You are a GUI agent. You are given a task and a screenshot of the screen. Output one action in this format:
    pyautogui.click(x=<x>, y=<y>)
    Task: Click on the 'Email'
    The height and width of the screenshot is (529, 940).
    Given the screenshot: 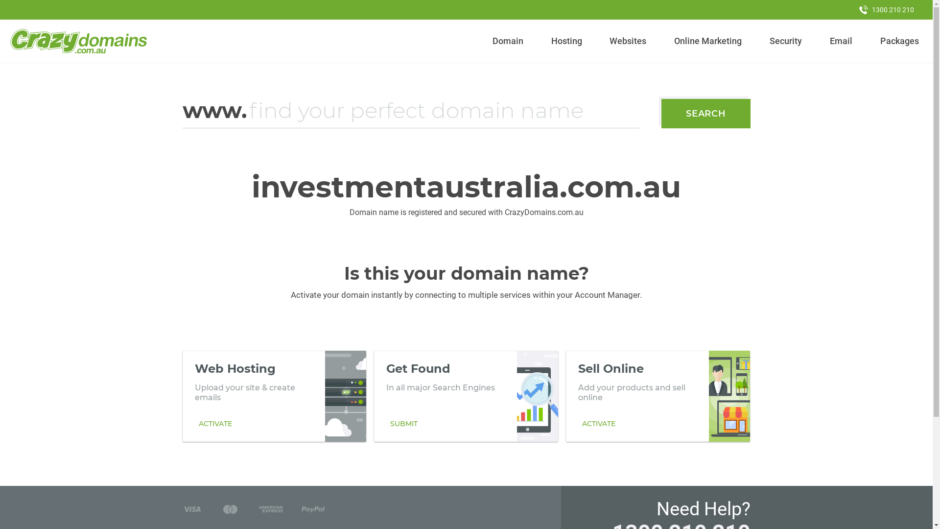 What is the action you would take?
    pyautogui.click(x=840, y=41)
    